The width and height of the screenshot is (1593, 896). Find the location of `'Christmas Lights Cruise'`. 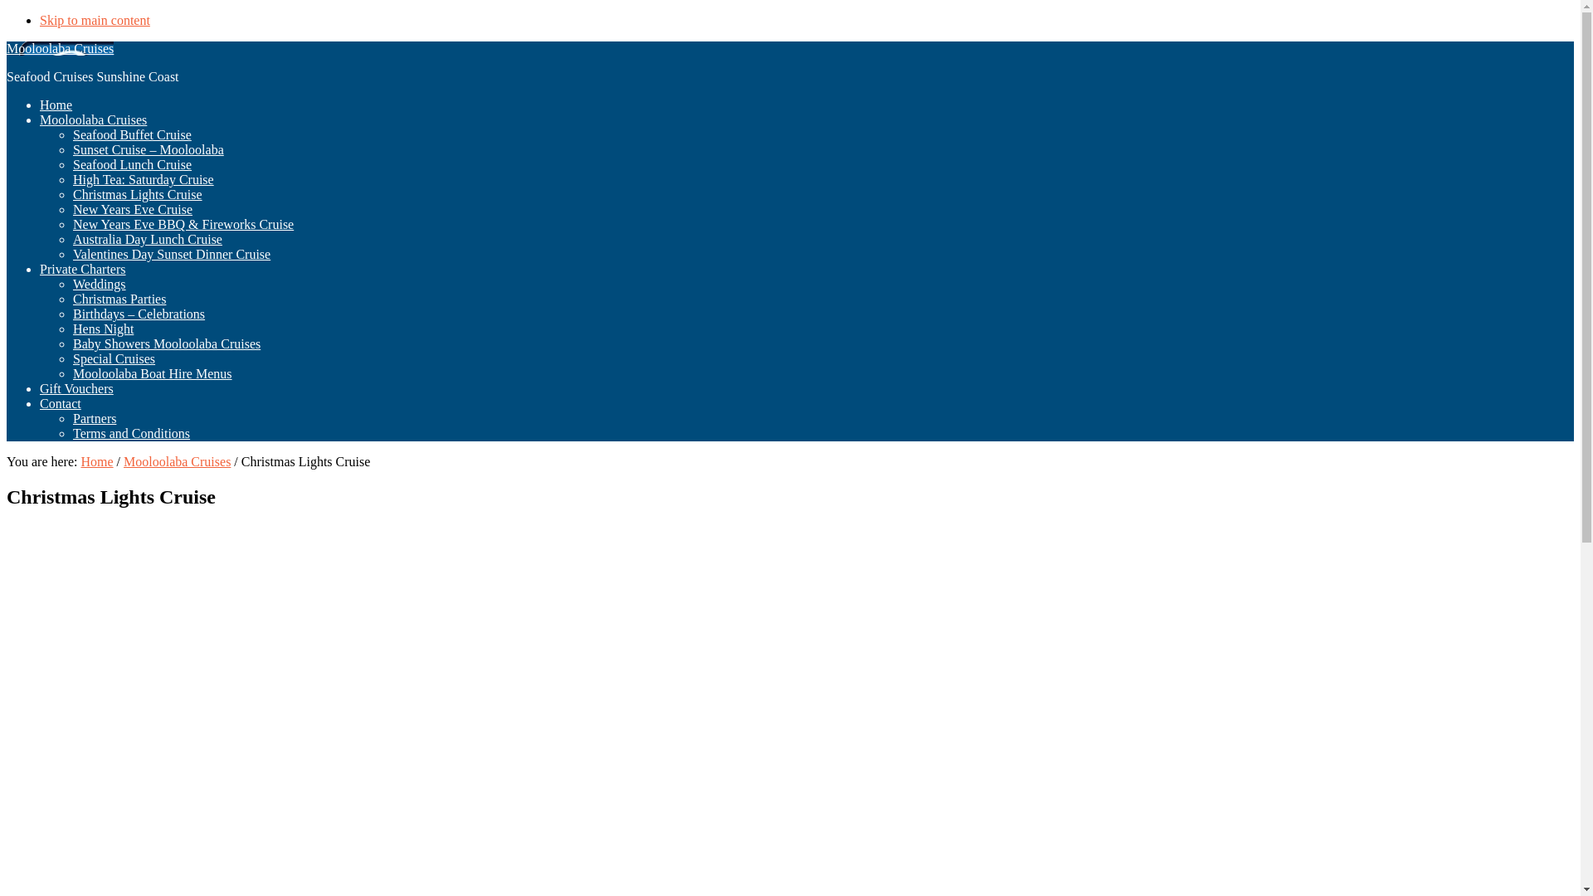

'Christmas Lights Cruise' is located at coordinates (138, 193).